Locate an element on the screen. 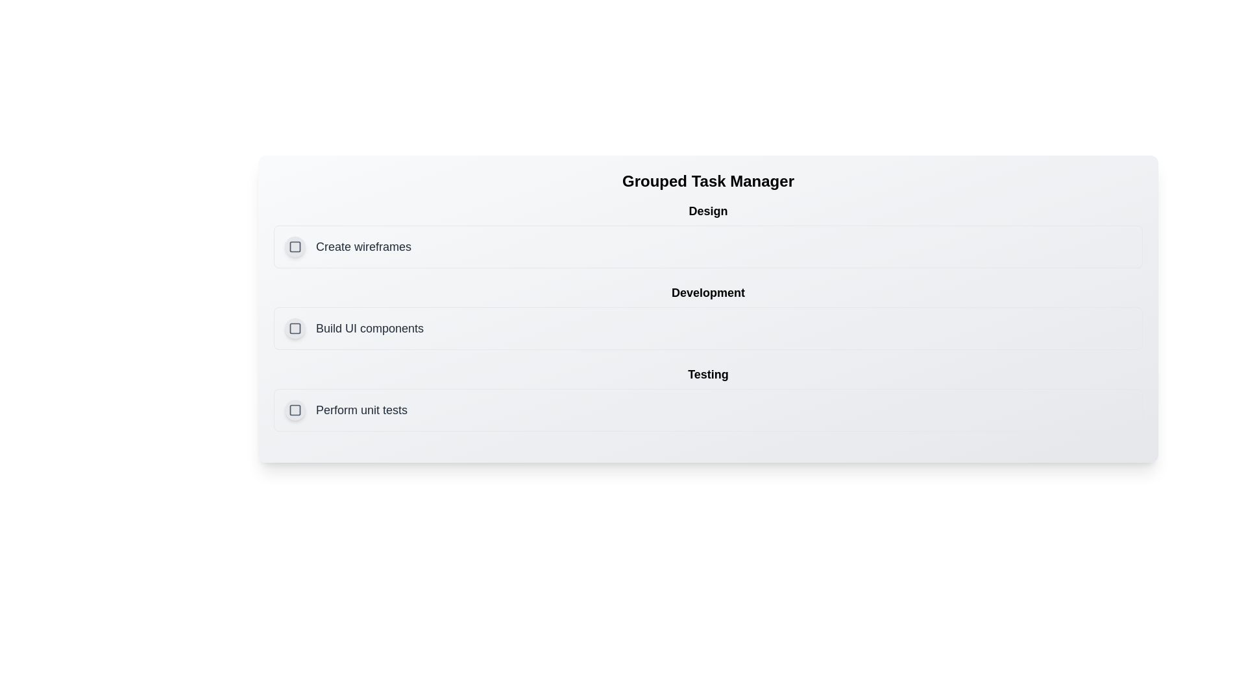 This screenshot has width=1246, height=700. the checkbox or text of the second task item in the 'Development' to-do list, which allows users to mark the task as completed is located at coordinates (354, 327).